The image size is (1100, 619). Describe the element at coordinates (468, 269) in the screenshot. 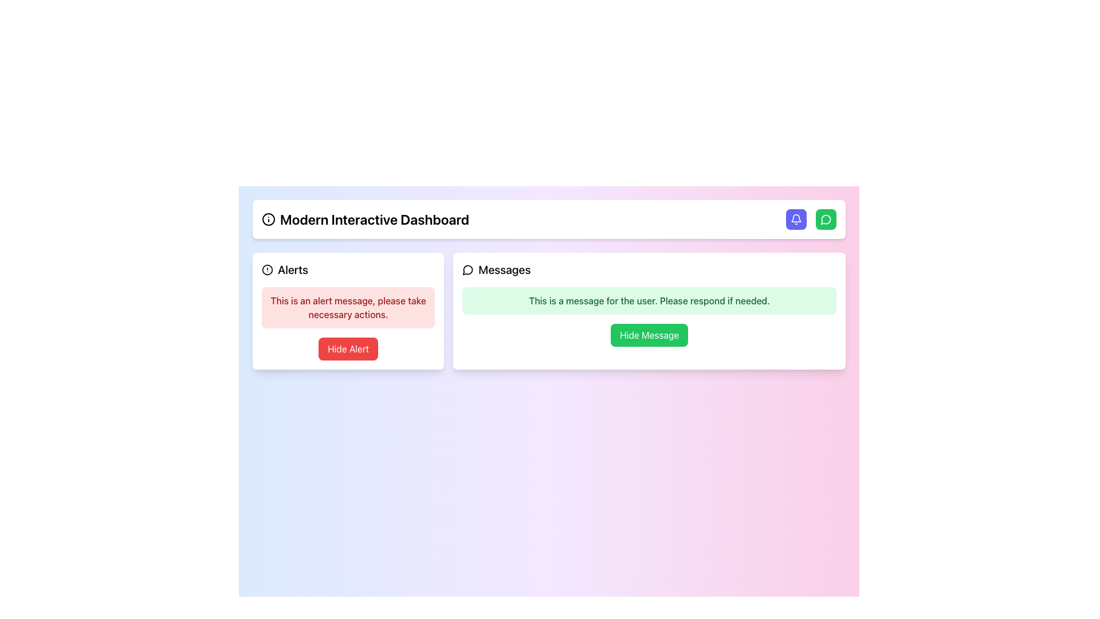

I see `the speech bubble icon located at the top of the 'Messages' panel header, to the left of the text 'Messages'` at that location.